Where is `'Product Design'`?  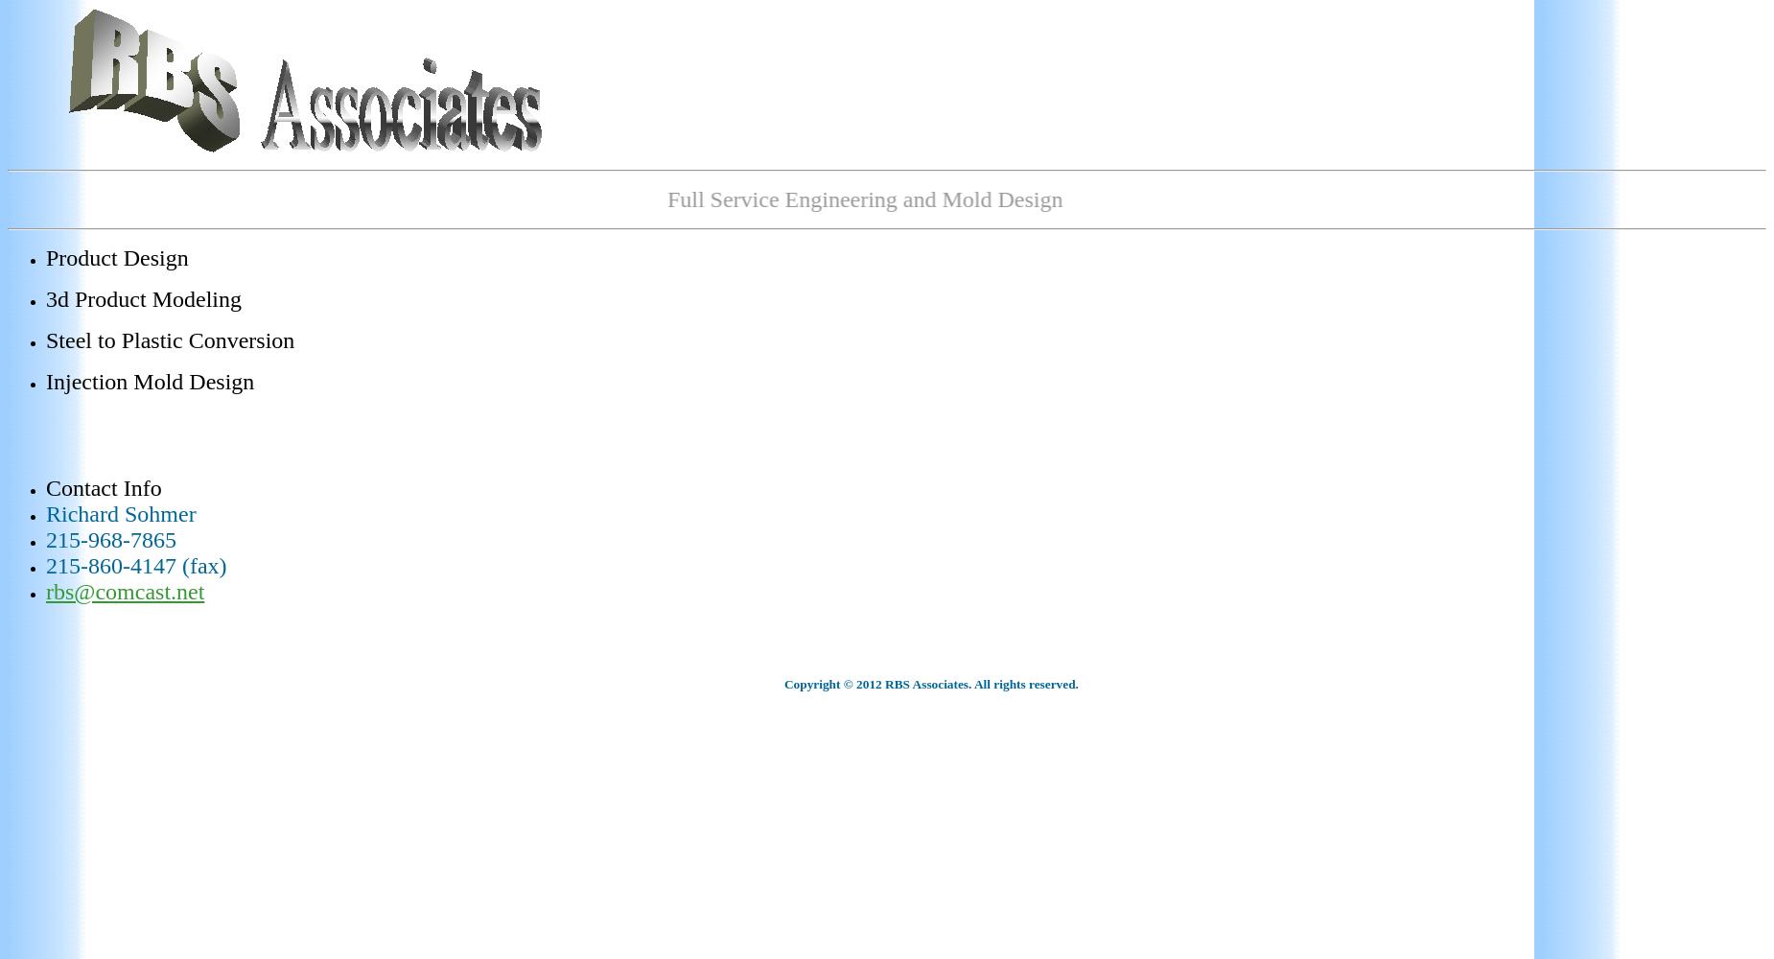
'Product Design' is located at coordinates (115, 258).